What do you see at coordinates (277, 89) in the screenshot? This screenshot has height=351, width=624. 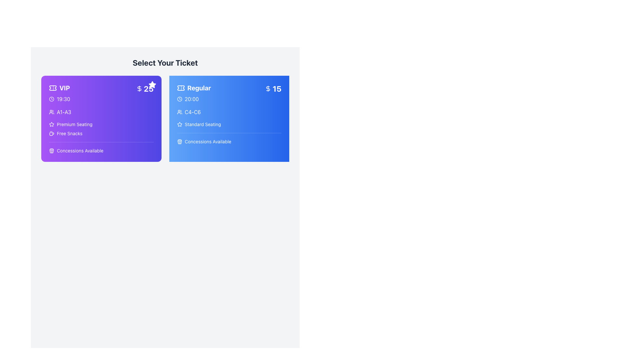 I see `the bold number '15' on the blue background in the top-right corner of the 'Regular' card` at bounding box center [277, 89].